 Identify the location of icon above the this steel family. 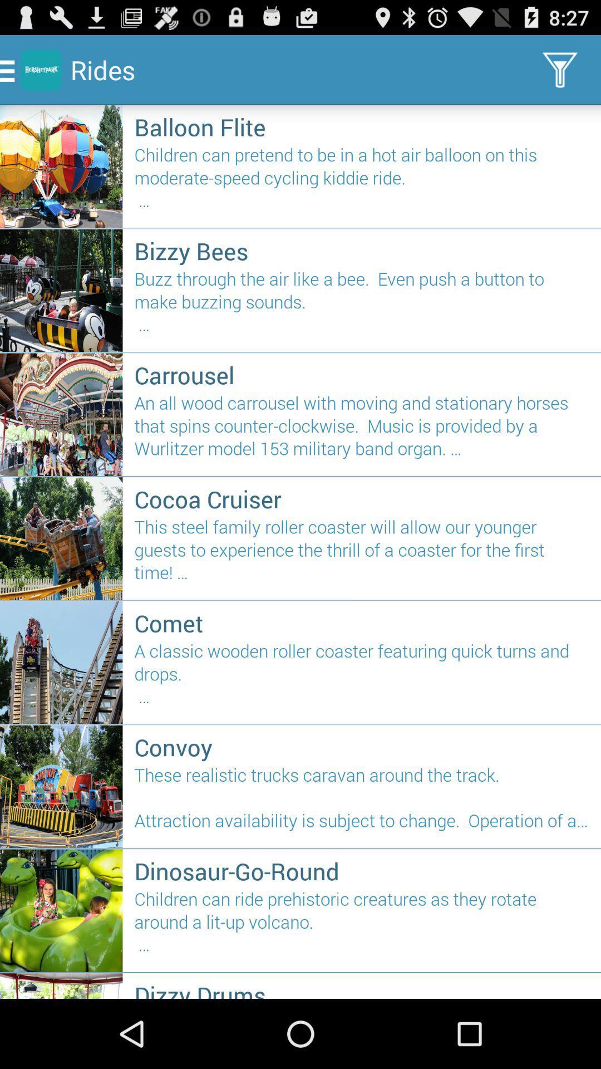
(362, 498).